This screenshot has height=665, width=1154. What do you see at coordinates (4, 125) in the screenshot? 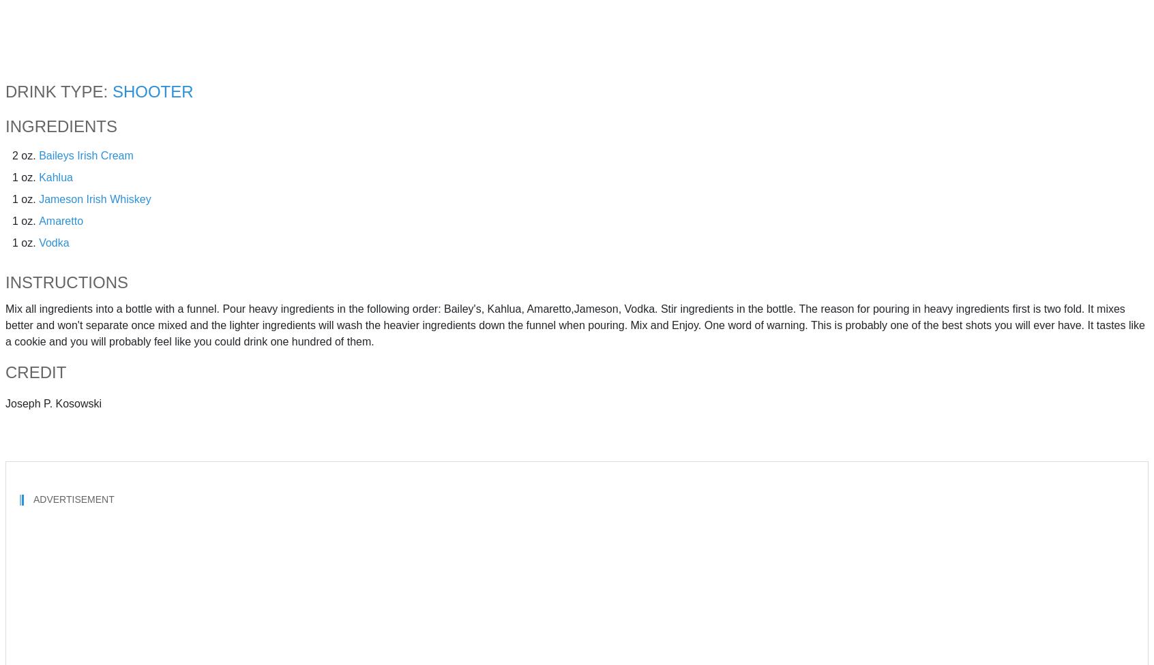
I see `'Ingredients'` at bounding box center [4, 125].